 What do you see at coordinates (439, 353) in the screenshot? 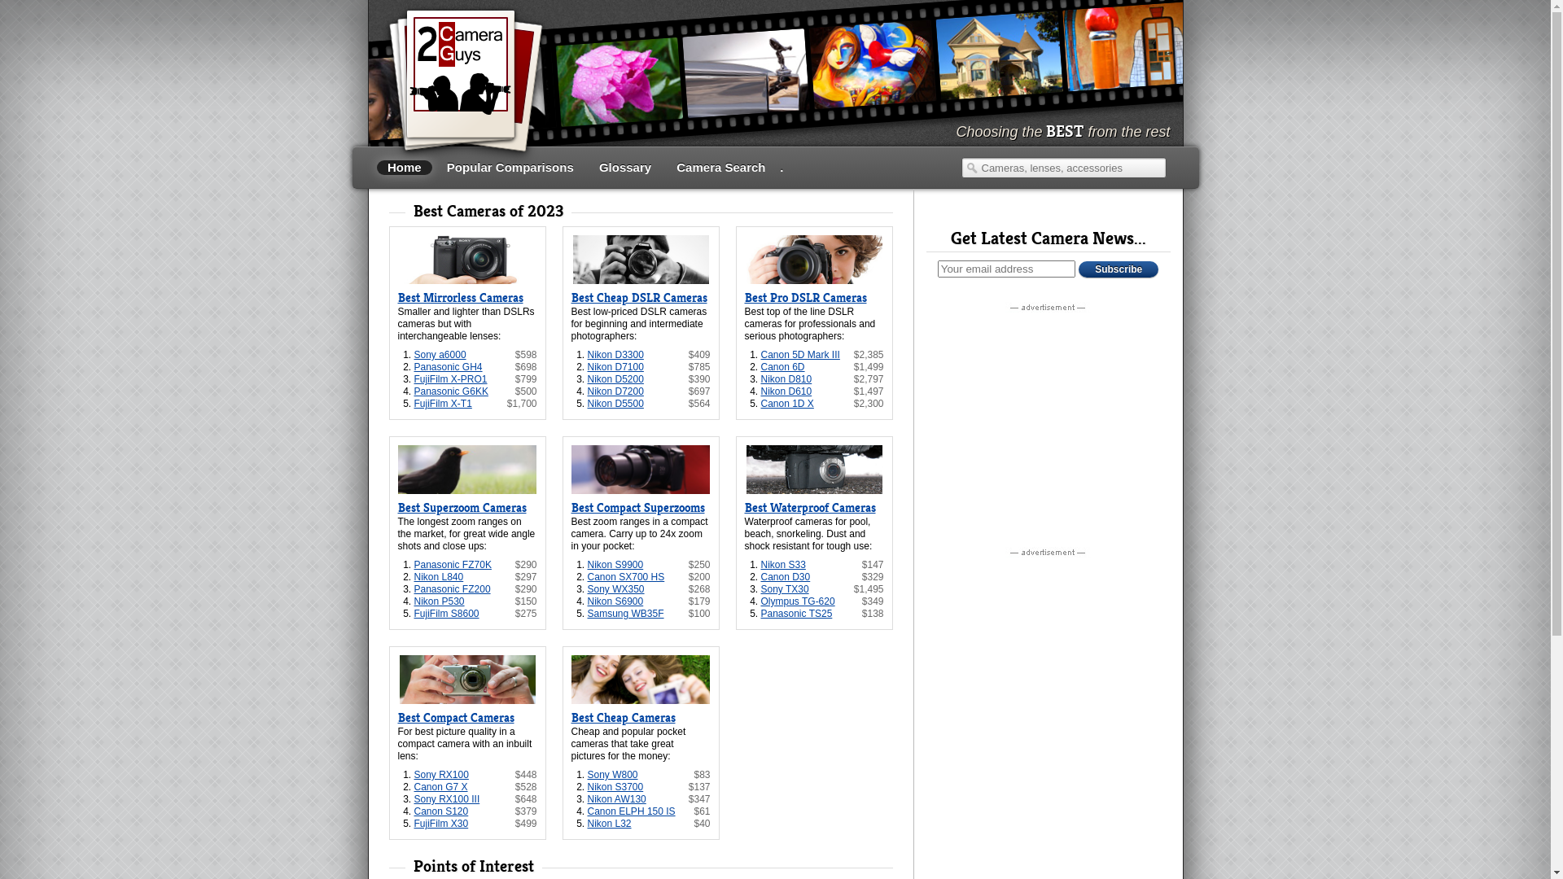
I see `'Sony a6000'` at bounding box center [439, 353].